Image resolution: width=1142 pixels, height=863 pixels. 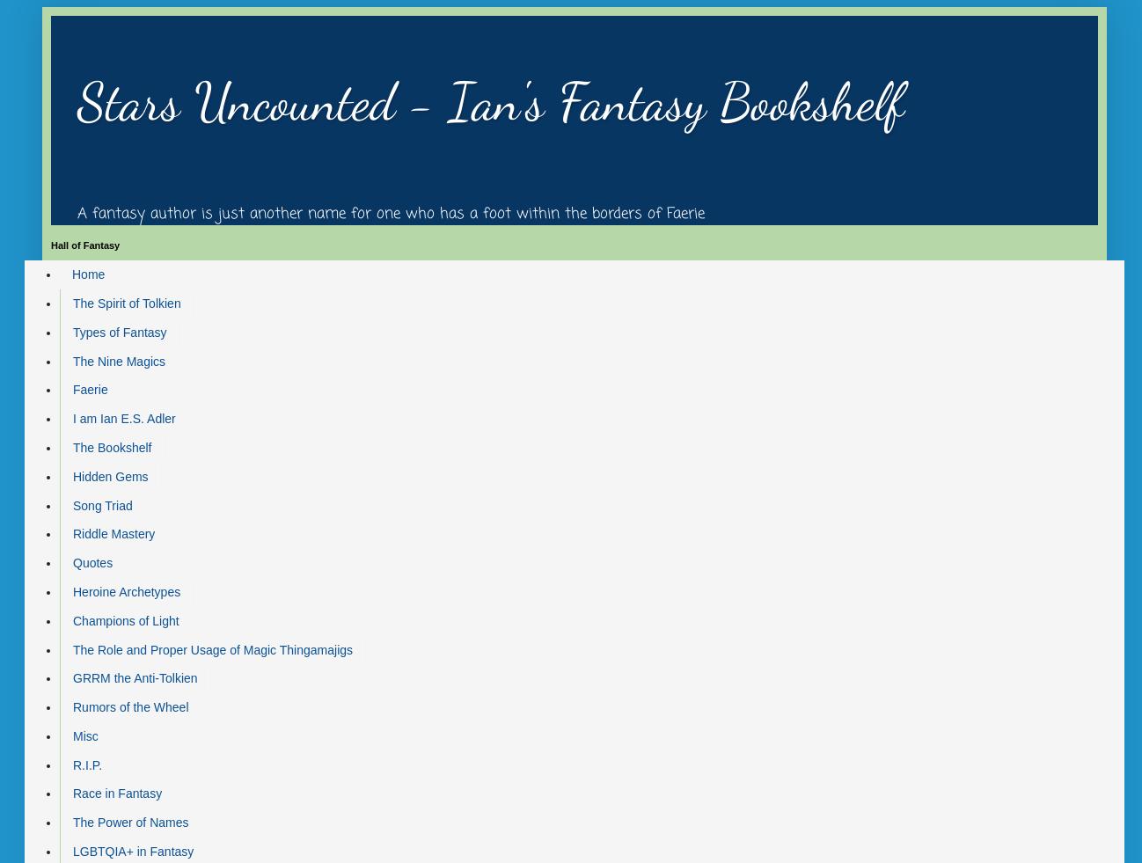 I want to click on 'Faerie', so click(x=72, y=389).